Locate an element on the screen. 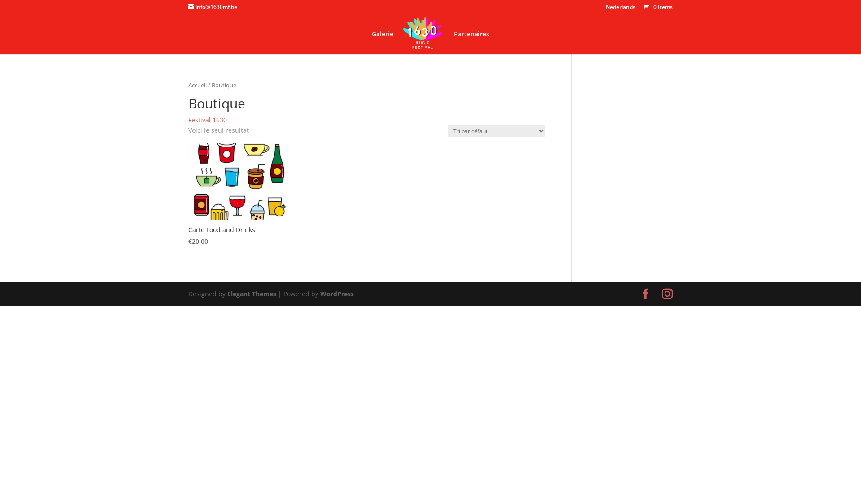 Image resolution: width=861 pixels, height=484 pixels. 'Elegant Themes' is located at coordinates (251, 294).